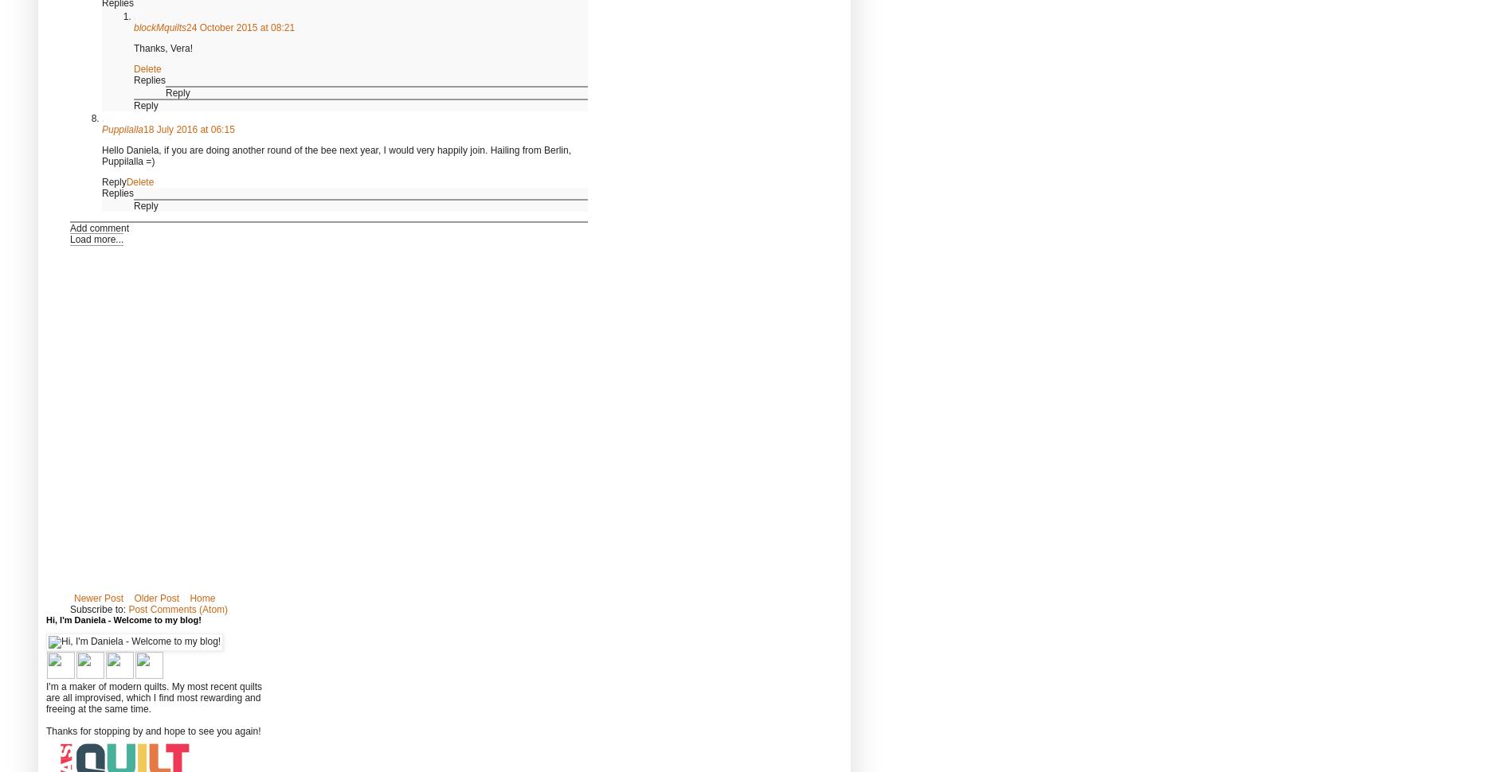 The height and width of the screenshot is (772, 1512). What do you see at coordinates (96, 239) in the screenshot?
I see `'Load more...'` at bounding box center [96, 239].